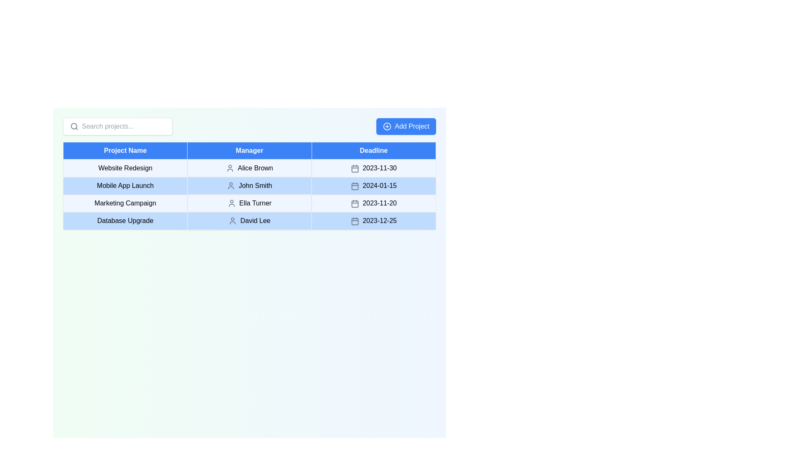  I want to click on the text display in the first column of the second row of the project table, which identifies the project name, so click(125, 168).